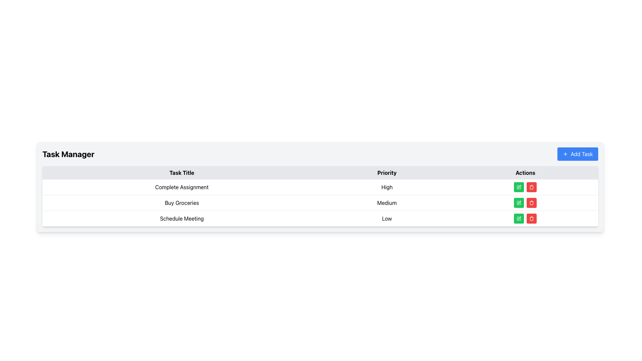 This screenshot has width=642, height=361. Describe the element at coordinates (531, 202) in the screenshot. I see `the red trash bin icon button located in the 'Actions' column of the task manager` at that location.